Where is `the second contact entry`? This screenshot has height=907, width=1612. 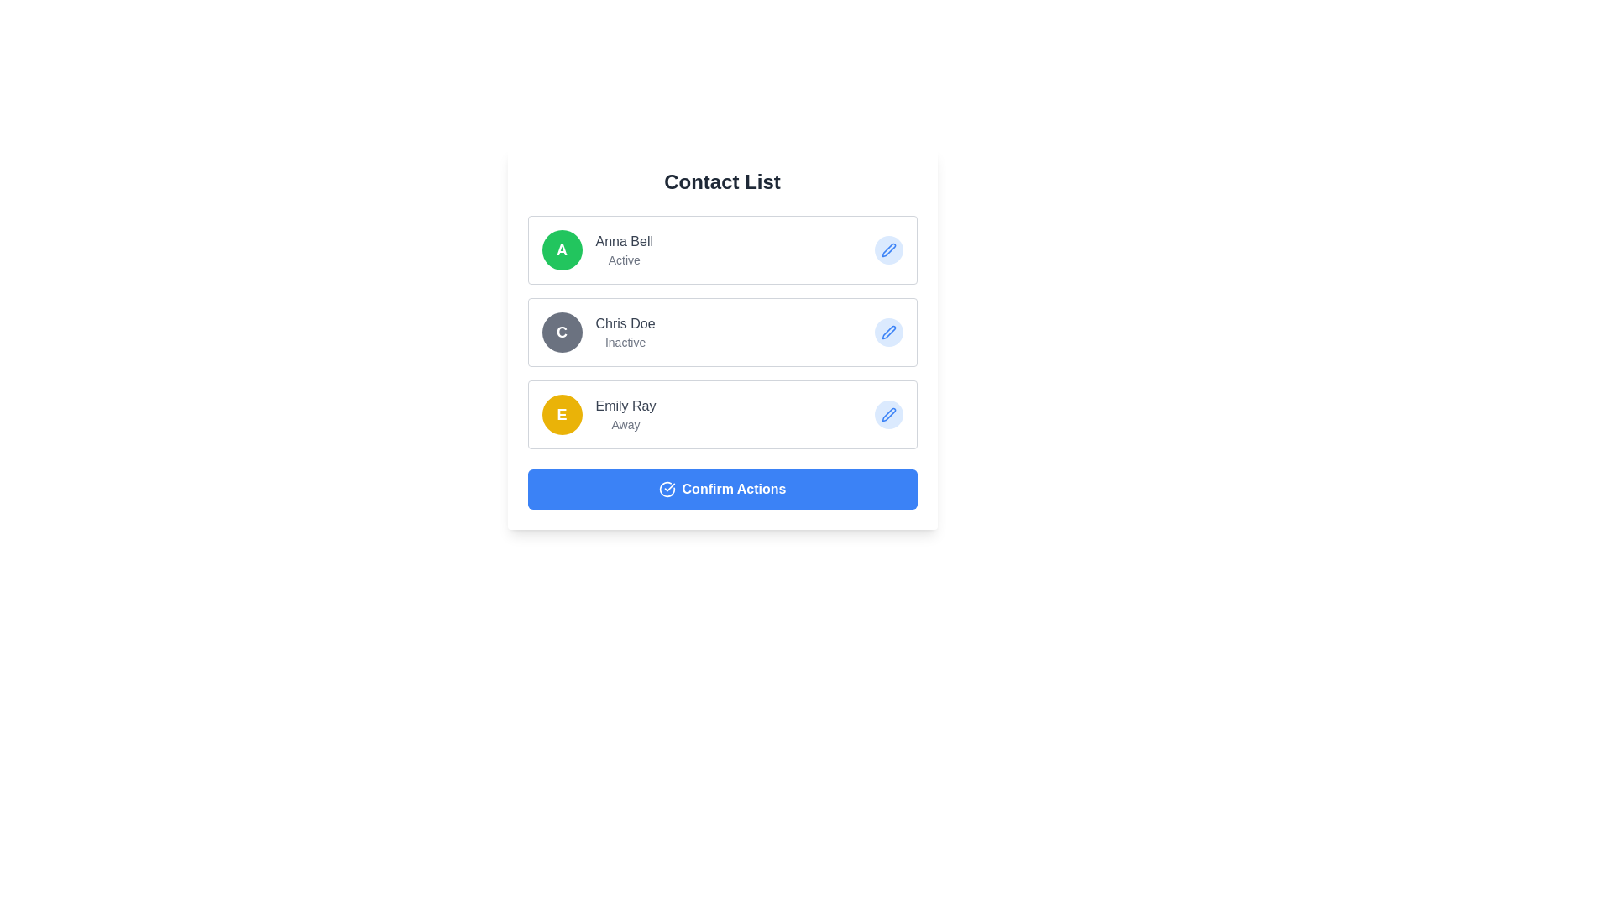
the second contact entry is located at coordinates (722, 333).